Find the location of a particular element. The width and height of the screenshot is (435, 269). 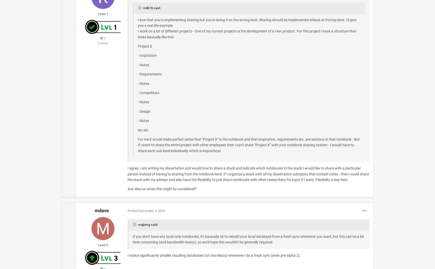

'Any idea on when this might be considered?' is located at coordinates (161, 189).